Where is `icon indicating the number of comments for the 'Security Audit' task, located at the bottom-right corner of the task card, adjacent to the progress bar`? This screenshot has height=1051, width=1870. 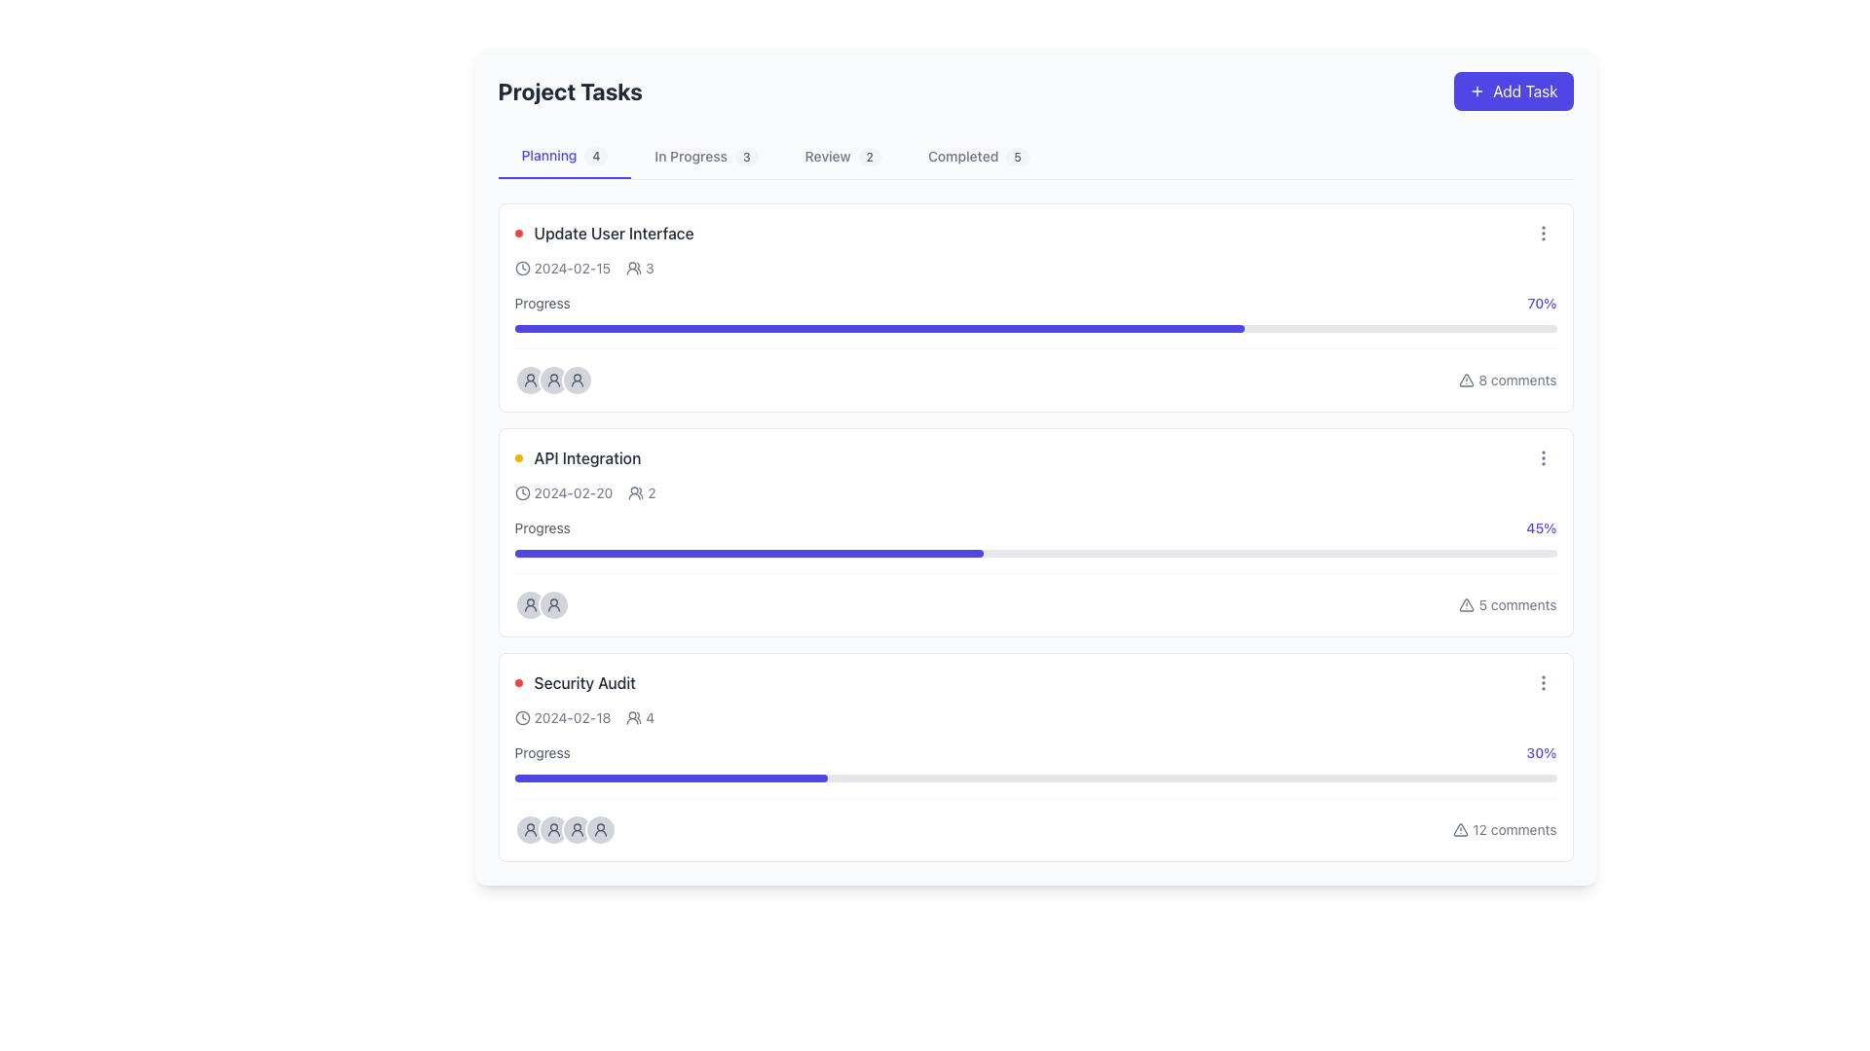 icon indicating the number of comments for the 'Security Audit' task, located at the bottom-right corner of the task card, adjacent to the progress bar is located at coordinates (1504, 829).